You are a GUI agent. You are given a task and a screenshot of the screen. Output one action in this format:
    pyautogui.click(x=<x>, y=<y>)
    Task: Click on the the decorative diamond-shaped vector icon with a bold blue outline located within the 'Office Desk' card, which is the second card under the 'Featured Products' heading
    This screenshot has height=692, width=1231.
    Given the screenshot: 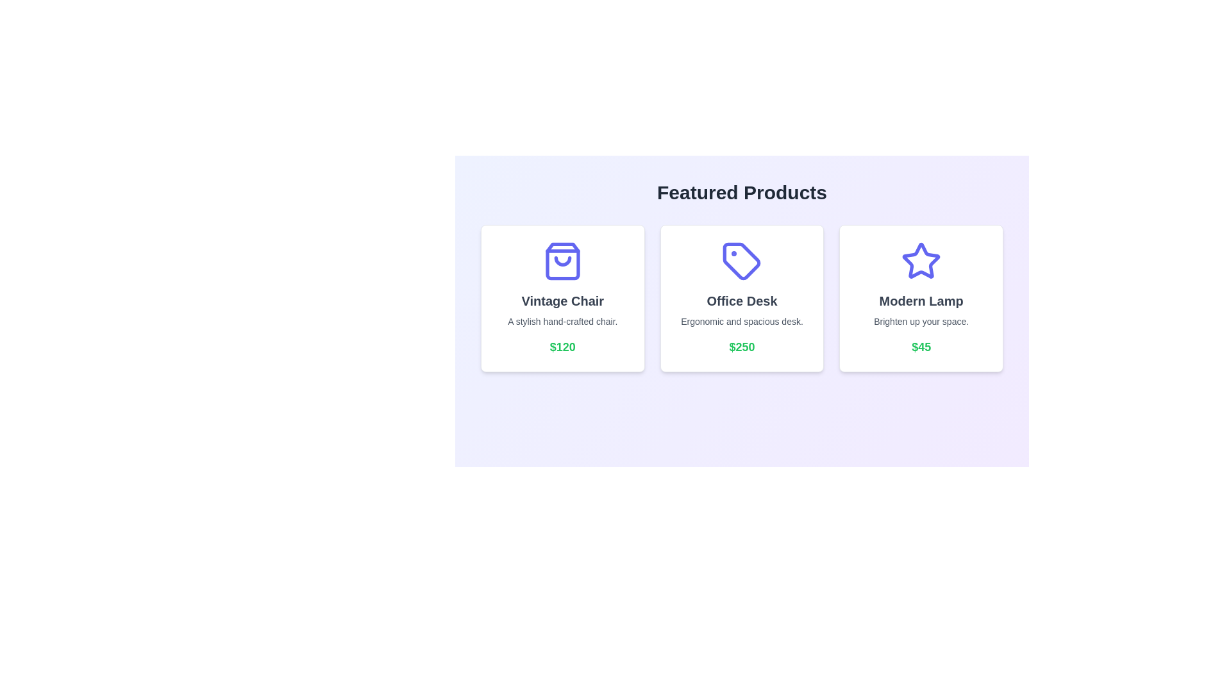 What is the action you would take?
    pyautogui.click(x=742, y=261)
    